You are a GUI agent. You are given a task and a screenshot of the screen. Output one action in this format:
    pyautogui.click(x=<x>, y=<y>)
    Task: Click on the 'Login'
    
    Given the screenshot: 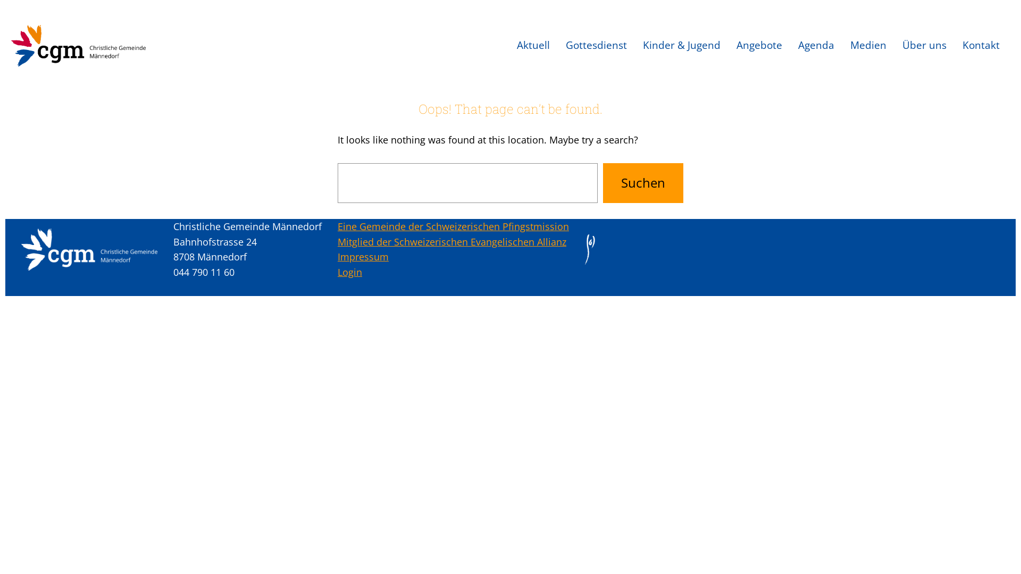 What is the action you would take?
    pyautogui.click(x=349, y=272)
    